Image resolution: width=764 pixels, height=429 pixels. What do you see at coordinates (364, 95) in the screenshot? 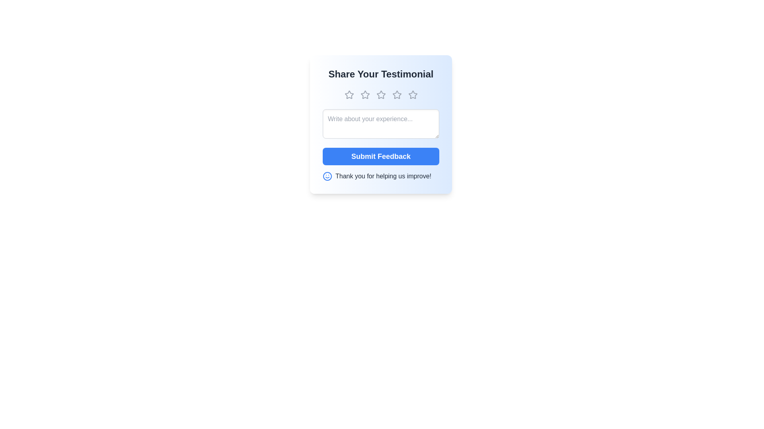
I see `the star corresponding to the desired rating of 2` at bounding box center [364, 95].